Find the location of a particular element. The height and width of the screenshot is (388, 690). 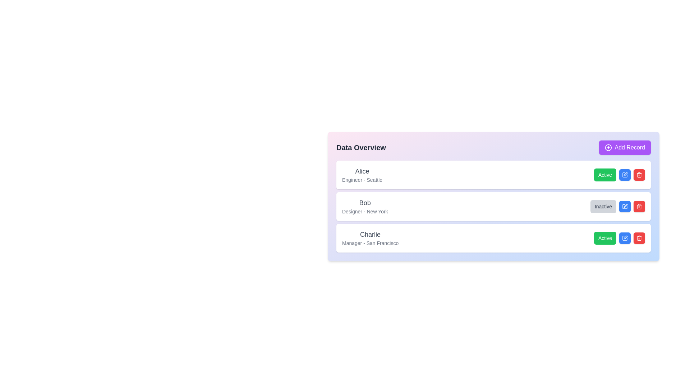

the delete button, which is the third button in a horizontal row of action buttons, located to the right of the blue edit button and below the green active status button, to observe the hover effect appearance is located at coordinates (639, 238).